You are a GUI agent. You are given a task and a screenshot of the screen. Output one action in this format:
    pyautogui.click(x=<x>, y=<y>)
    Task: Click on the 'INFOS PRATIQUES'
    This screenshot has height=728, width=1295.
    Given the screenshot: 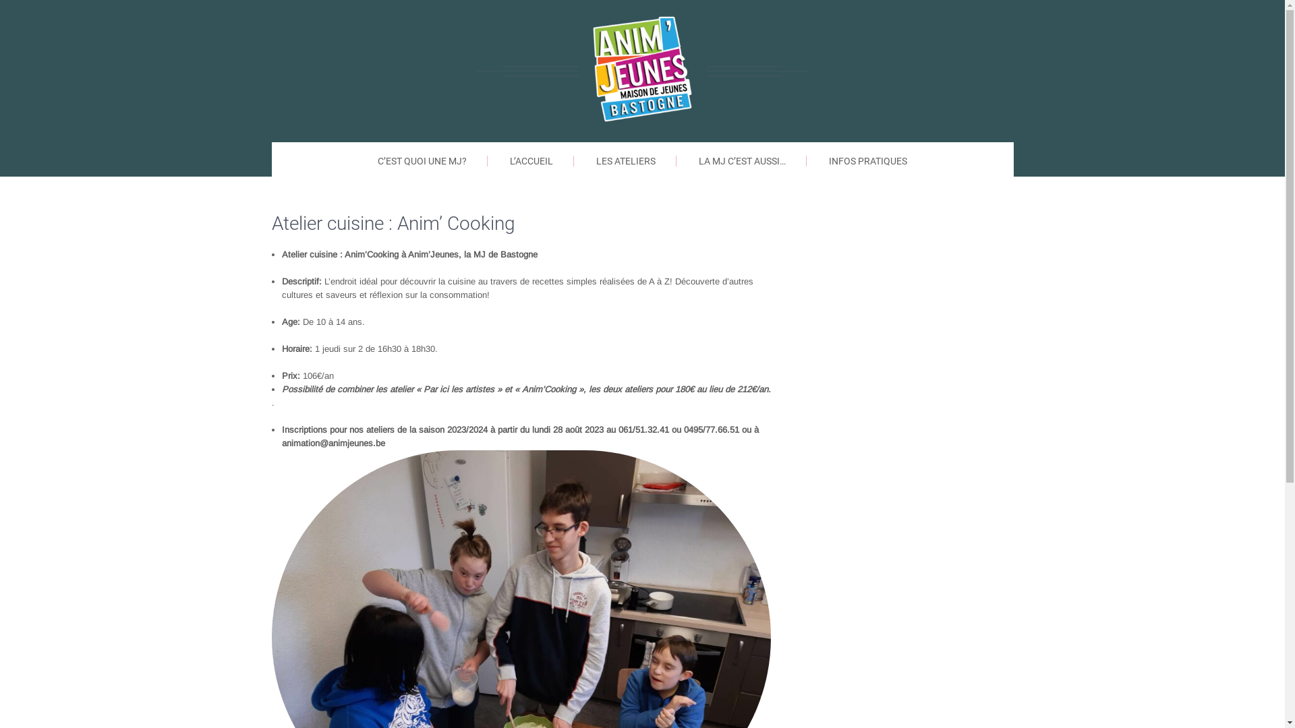 What is the action you would take?
    pyautogui.click(x=809, y=160)
    